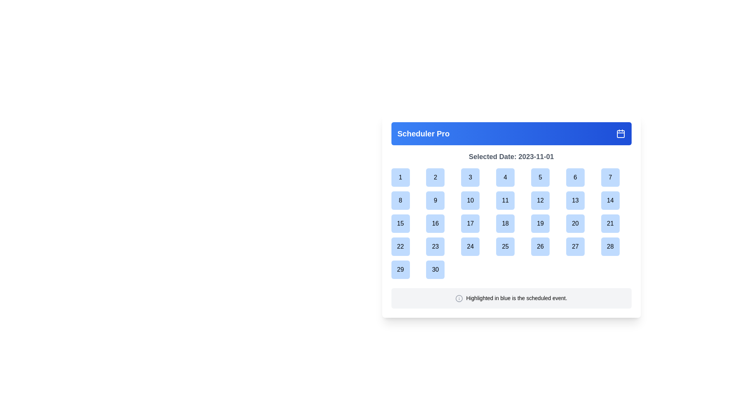  What do you see at coordinates (505, 224) in the screenshot?
I see `the button representing the 18th day` at bounding box center [505, 224].